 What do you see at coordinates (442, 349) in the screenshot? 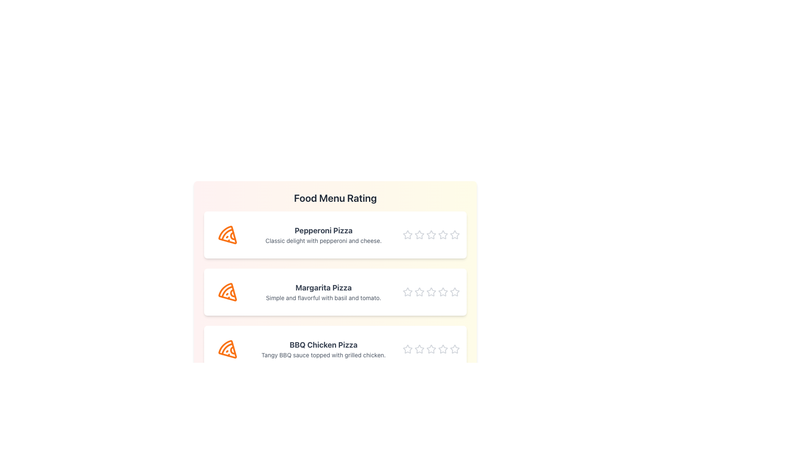
I see `the fourth star icon in the rating row for the 'BBQ Chicken Pizza' item` at bounding box center [442, 349].